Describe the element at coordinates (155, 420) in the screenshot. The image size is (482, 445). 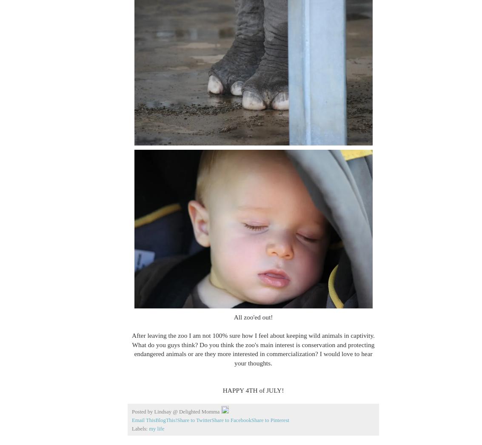
I see `'BlogThis!'` at that location.